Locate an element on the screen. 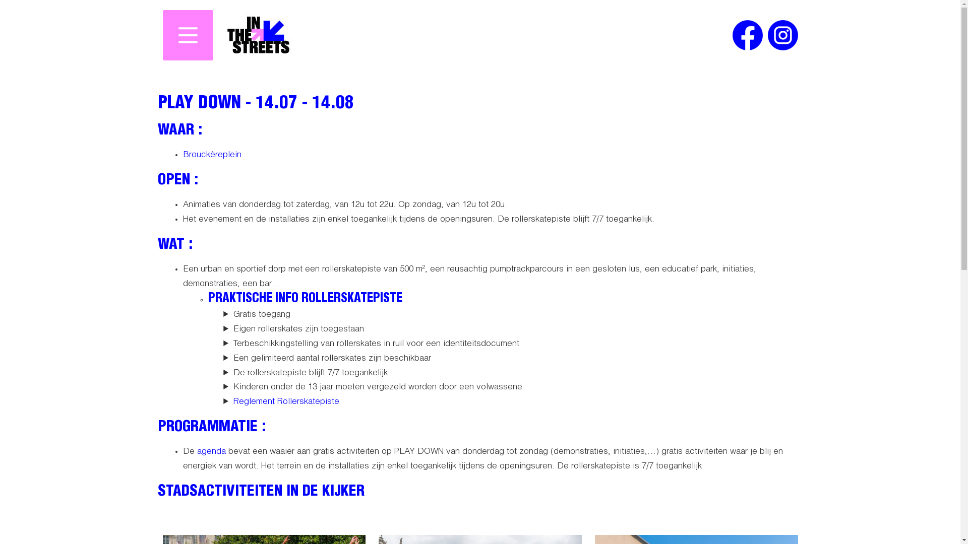  'agenda' is located at coordinates (210, 451).